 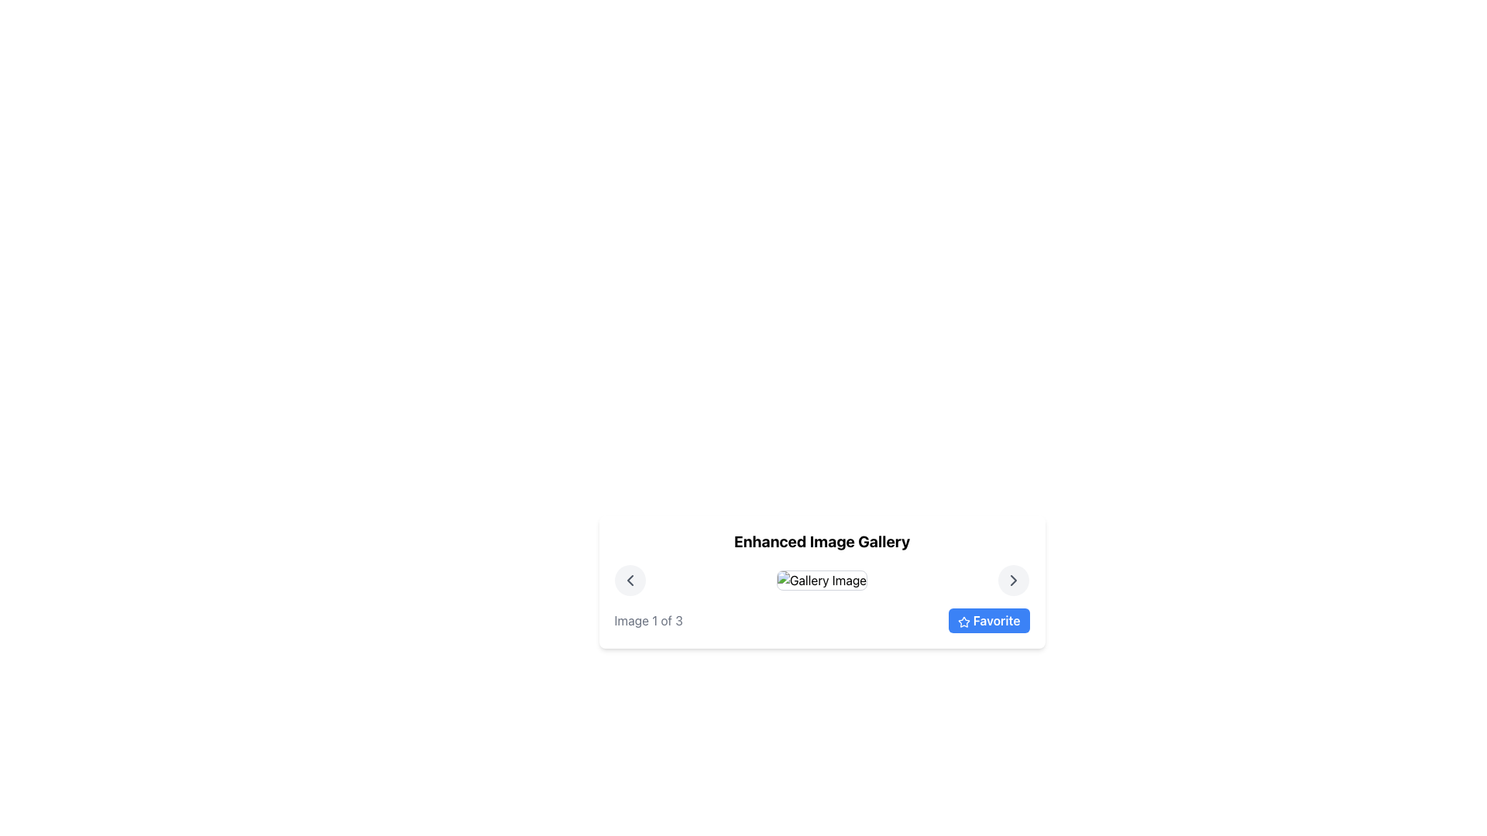 What do you see at coordinates (963, 621) in the screenshot?
I see `the star-shaped icon within the 'Favorite' button to interact with the favorite functionality` at bounding box center [963, 621].